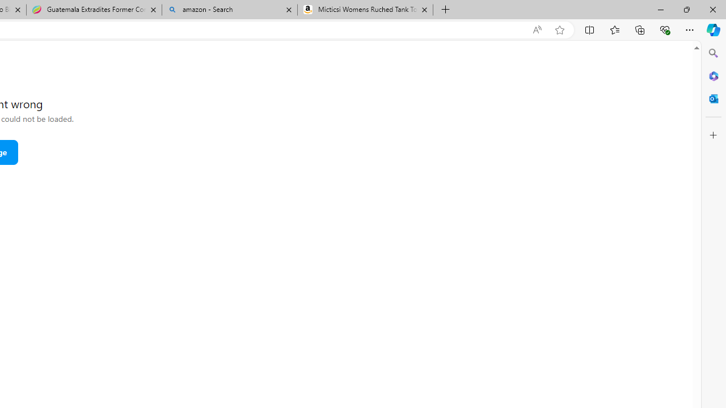 The width and height of the screenshot is (726, 408). What do you see at coordinates (590, 29) in the screenshot?
I see `'Split screen'` at bounding box center [590, 29].